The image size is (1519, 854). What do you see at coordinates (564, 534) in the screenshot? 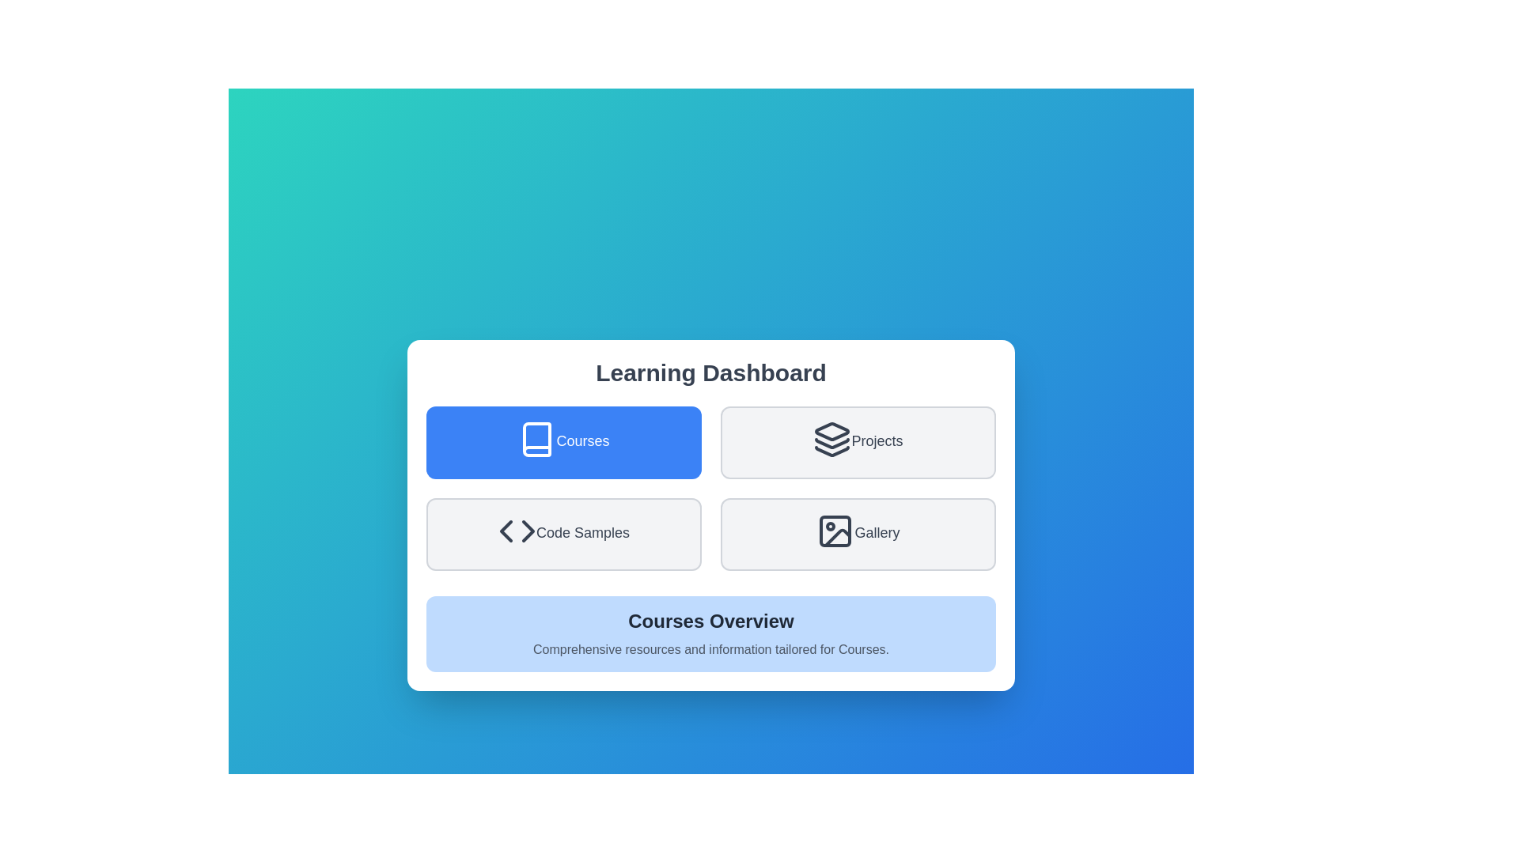
I see `the Code Samples button to select it` at bounding box center [564, 534].